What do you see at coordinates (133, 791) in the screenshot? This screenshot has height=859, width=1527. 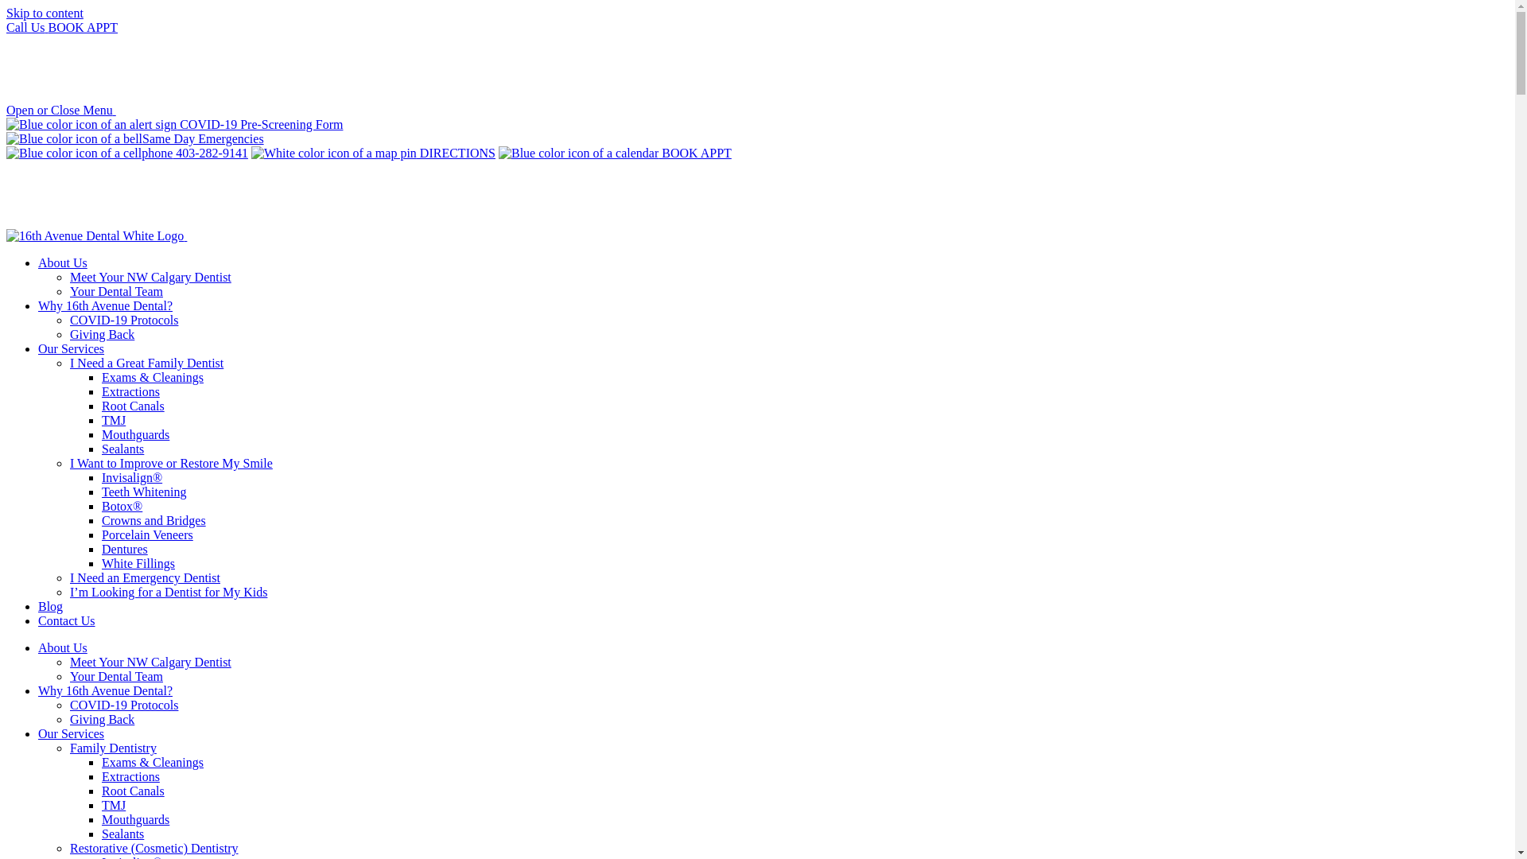 I see `'Root Canals'` at bounding box center [133, 791].